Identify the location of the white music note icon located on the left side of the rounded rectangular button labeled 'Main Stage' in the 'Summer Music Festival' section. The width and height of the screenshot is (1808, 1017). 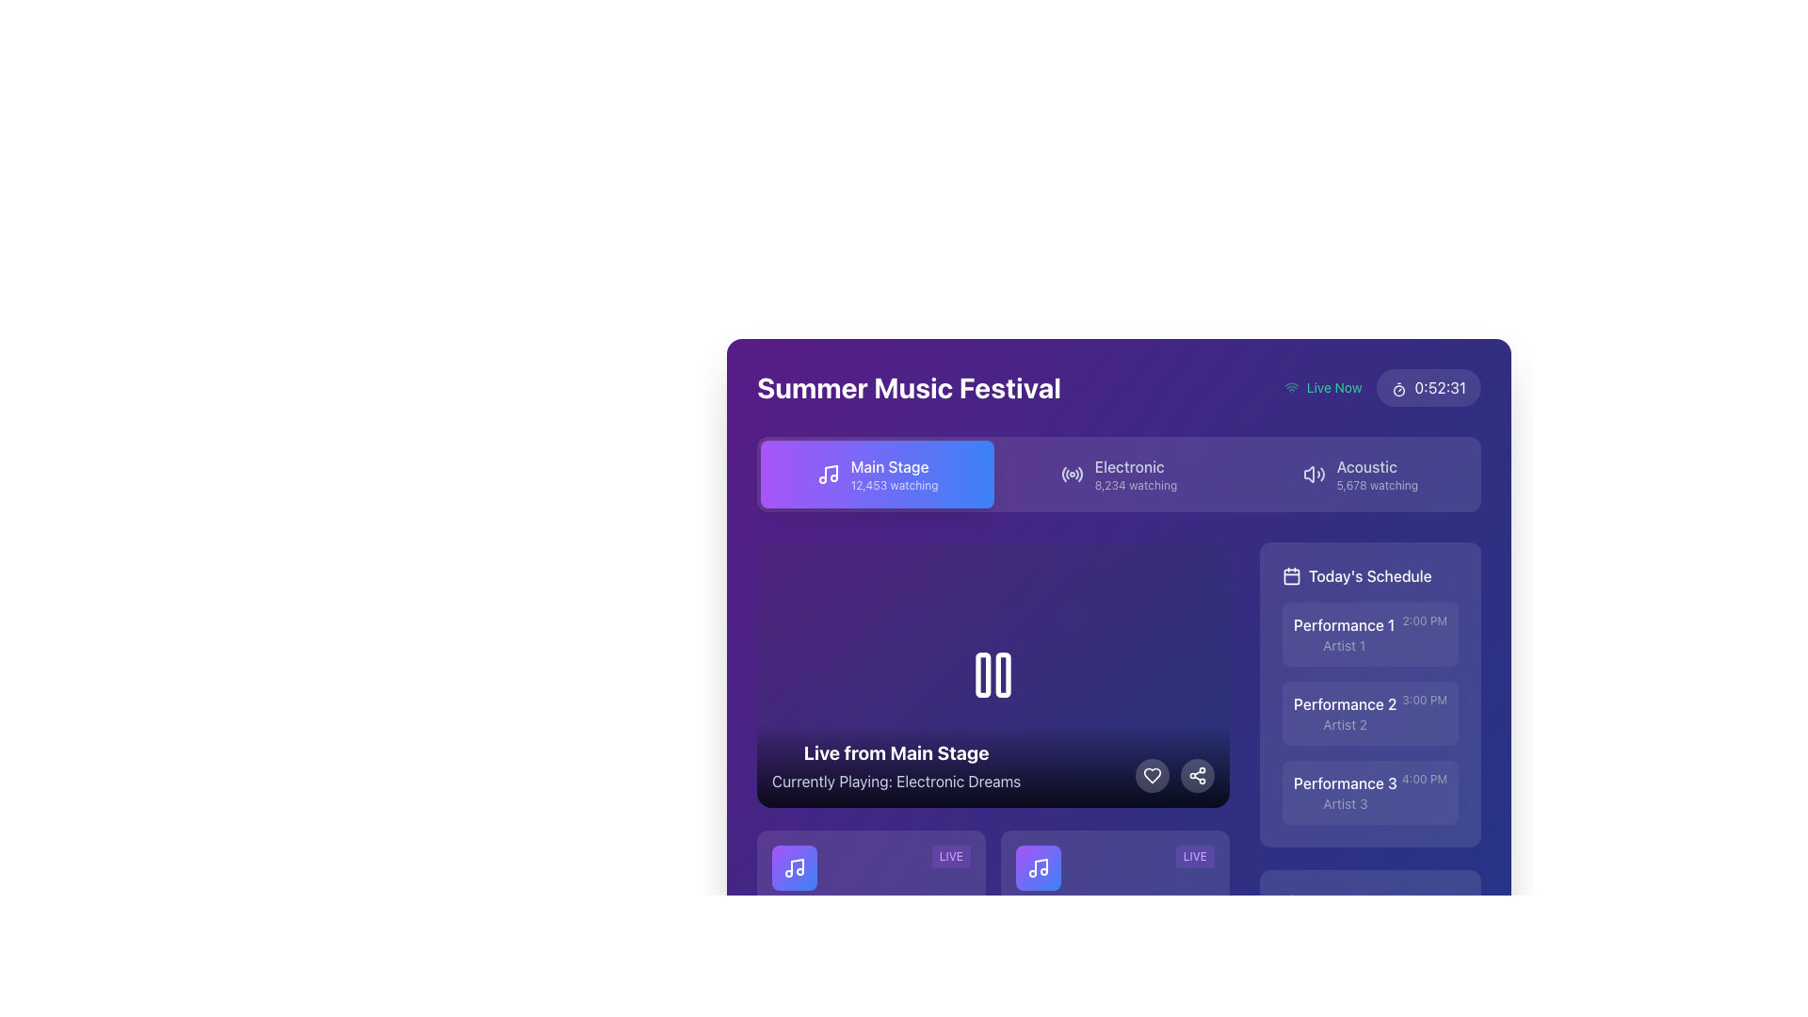
(828, 474).